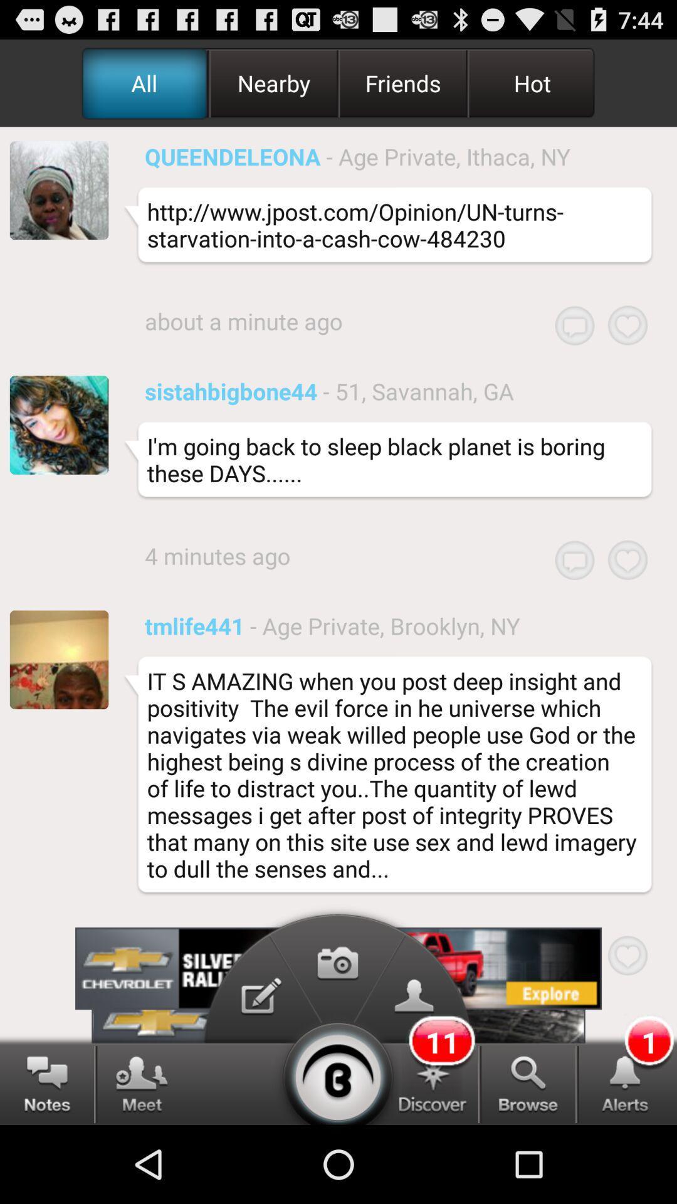 Image resolution: width=677 pixels, height=1204 pixels. I want to click on the notifications icon, so click(626, 1159).